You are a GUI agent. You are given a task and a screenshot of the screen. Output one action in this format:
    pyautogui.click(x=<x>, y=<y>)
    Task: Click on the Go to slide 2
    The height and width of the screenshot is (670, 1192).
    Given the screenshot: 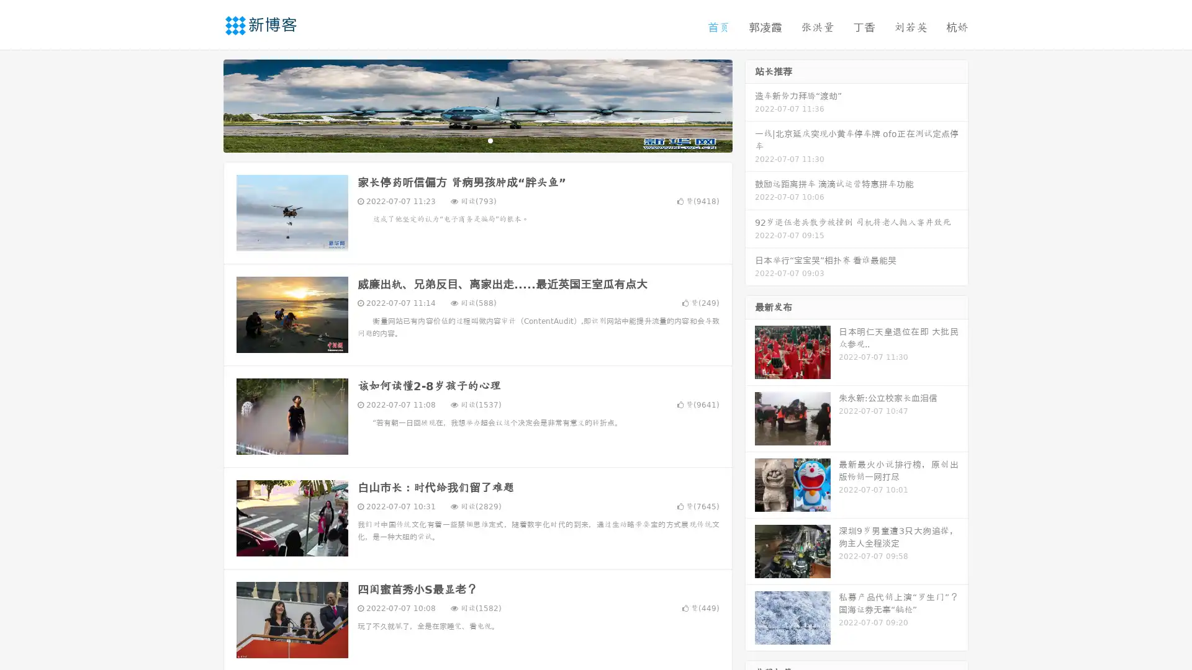 What is the action you would take?
    pyautogui.click(x=477, y=140)
    